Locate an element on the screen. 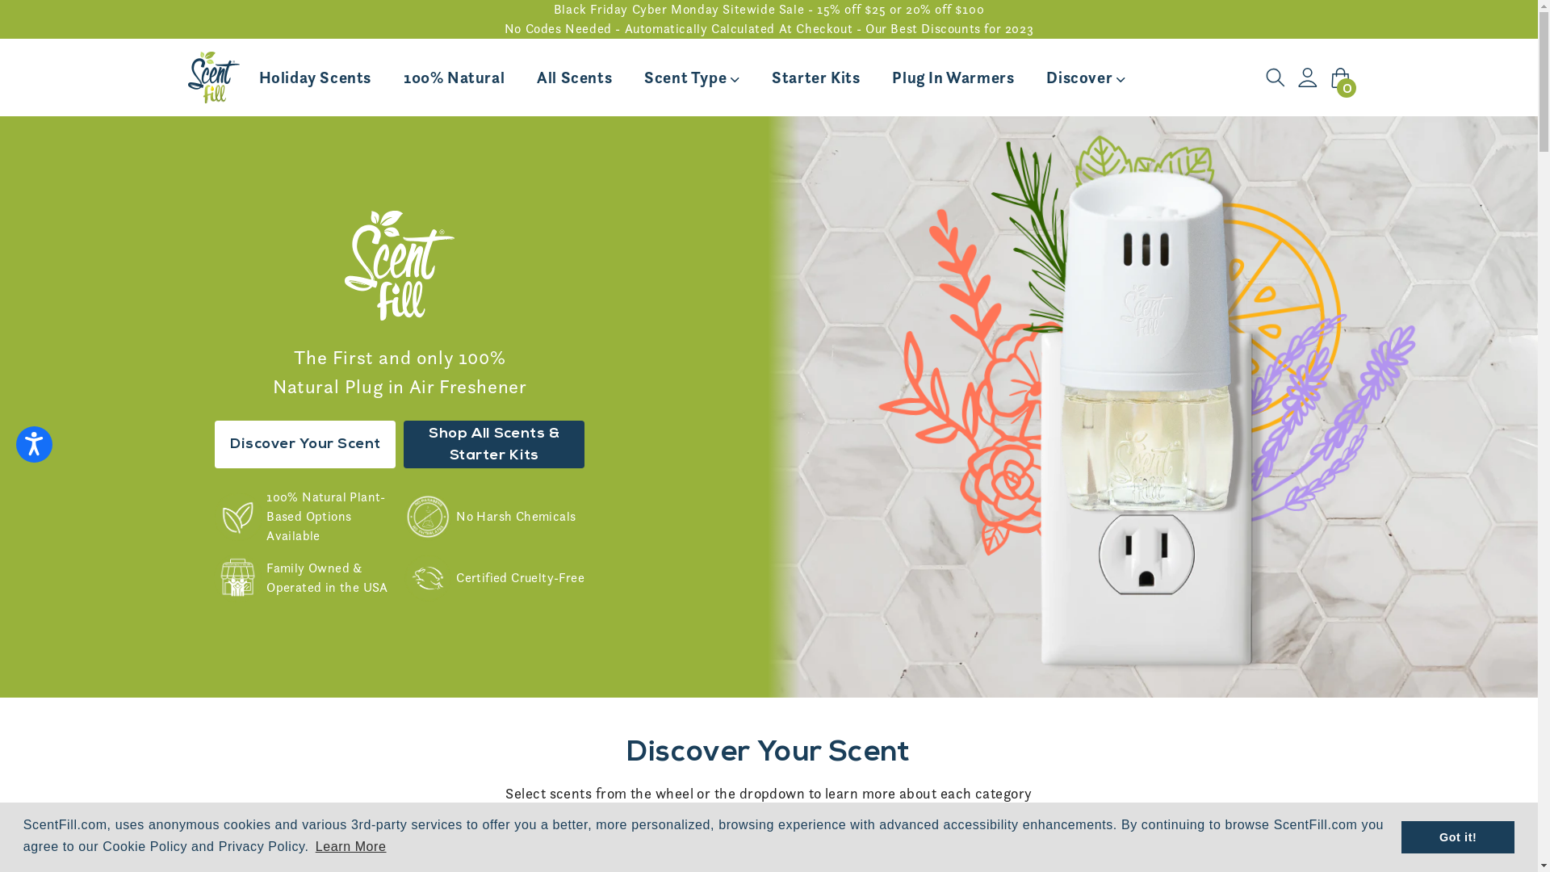 This screenshot has width=1550, height=872. 'All Scents' is located at coordinates (574, 78).